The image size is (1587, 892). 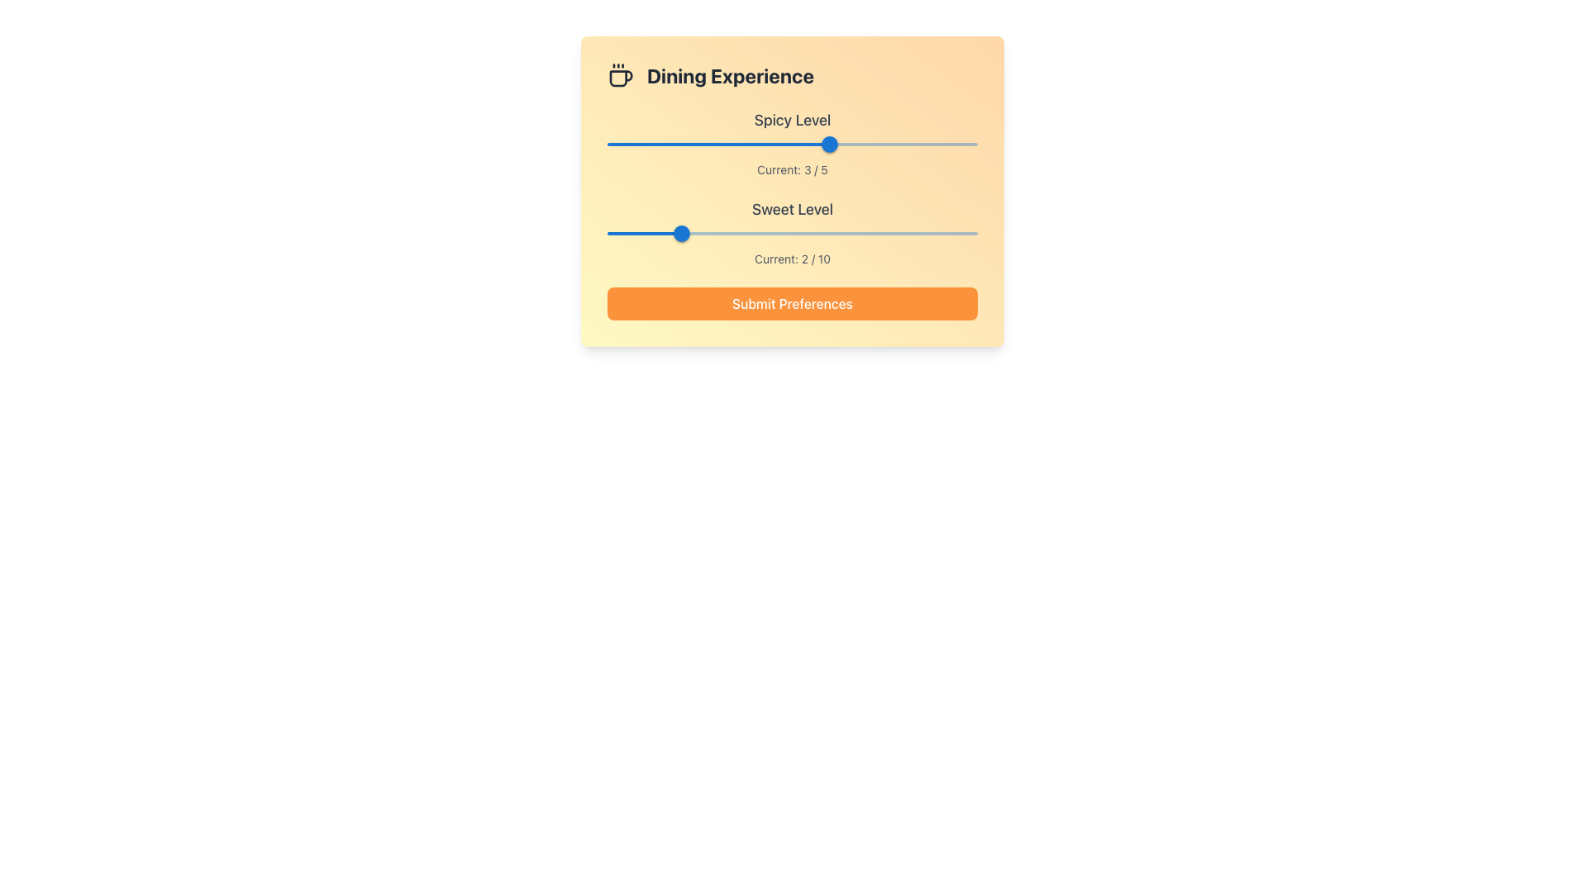 What do you see at coordinates (792, 233) in the screenshot?
I see `the Slider Rail element, which is a horizontal bar located below the 'Sweet Level' label and above the 'Current: 2/10' value display` at bounding box center [792, 233].